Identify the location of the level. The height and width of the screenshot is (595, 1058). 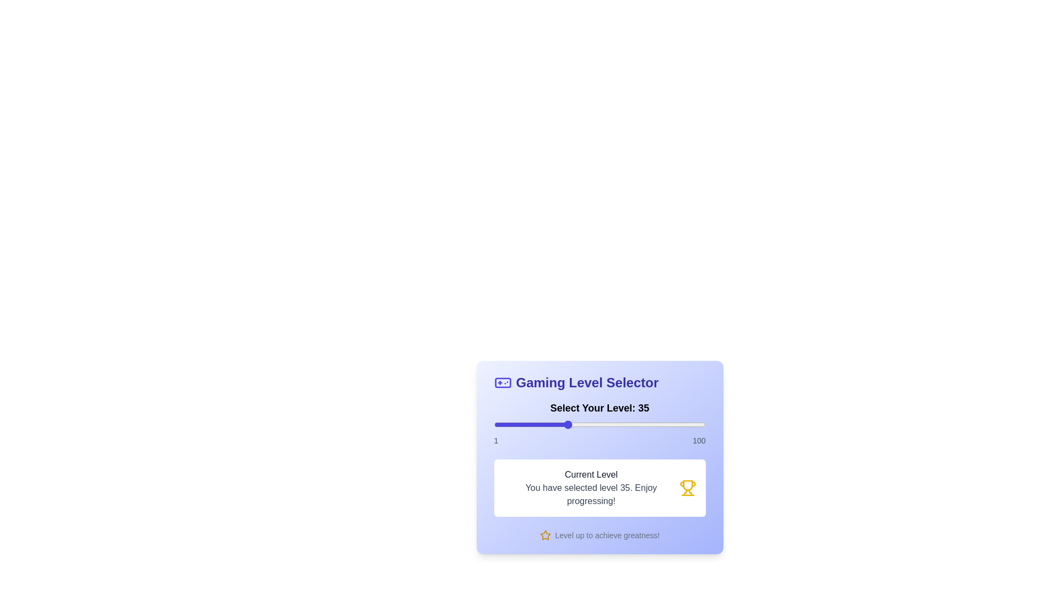
(566, 424).